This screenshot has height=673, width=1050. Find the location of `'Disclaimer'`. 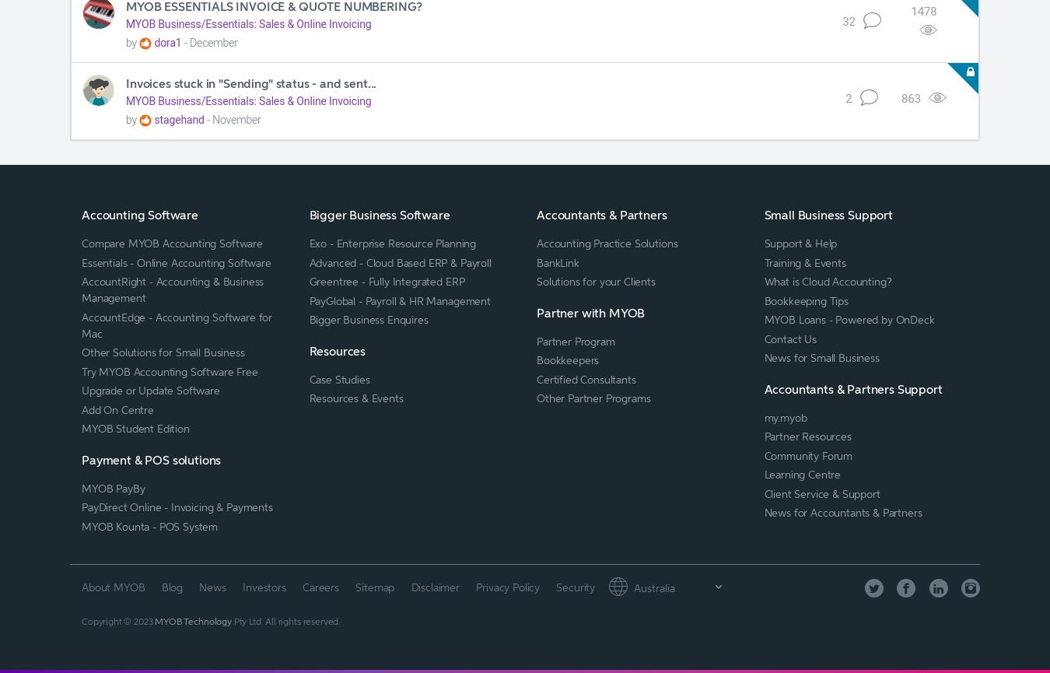

'Disclaimer' is located at coordinates (434, 585).